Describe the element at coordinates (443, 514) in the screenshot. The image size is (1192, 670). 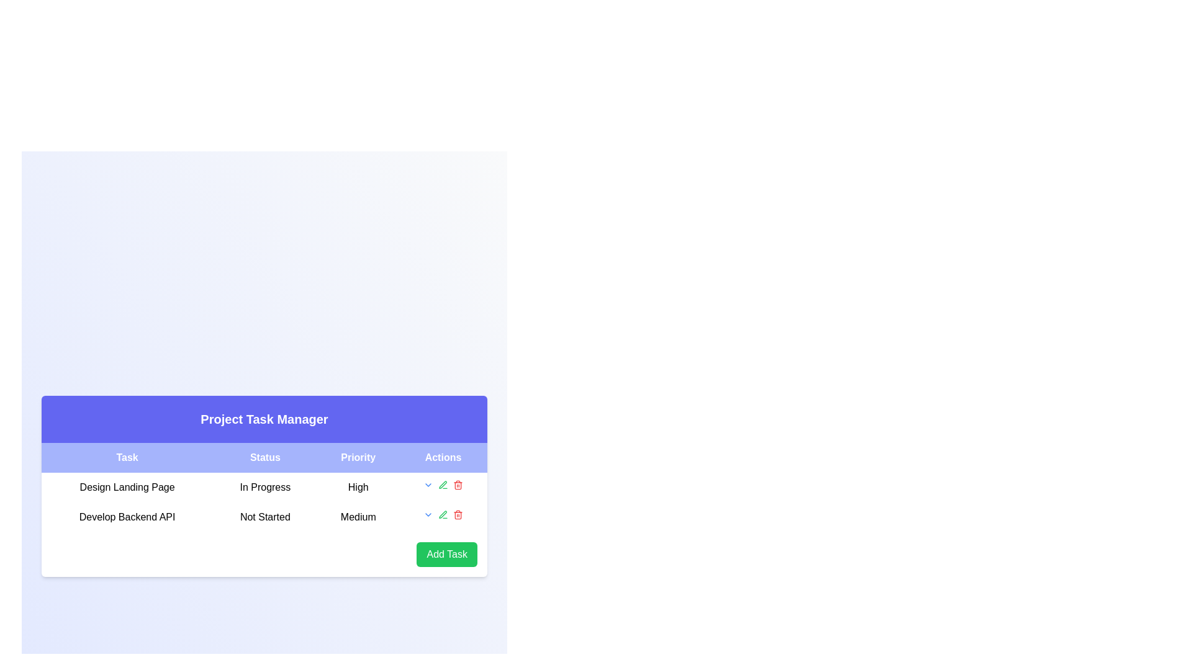
I see `the green-colored pen icon in the 'Actions' column of the first row in the 'Project Task Manager' table` at that location.